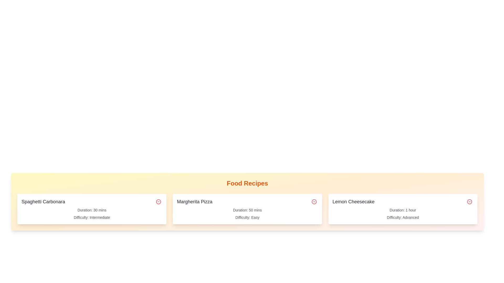 This screenshot has height=283, width=504. I want to click on the minus icon located at the top-right corner of the 'Lemon Cheesecake' card, so click(470, 202).